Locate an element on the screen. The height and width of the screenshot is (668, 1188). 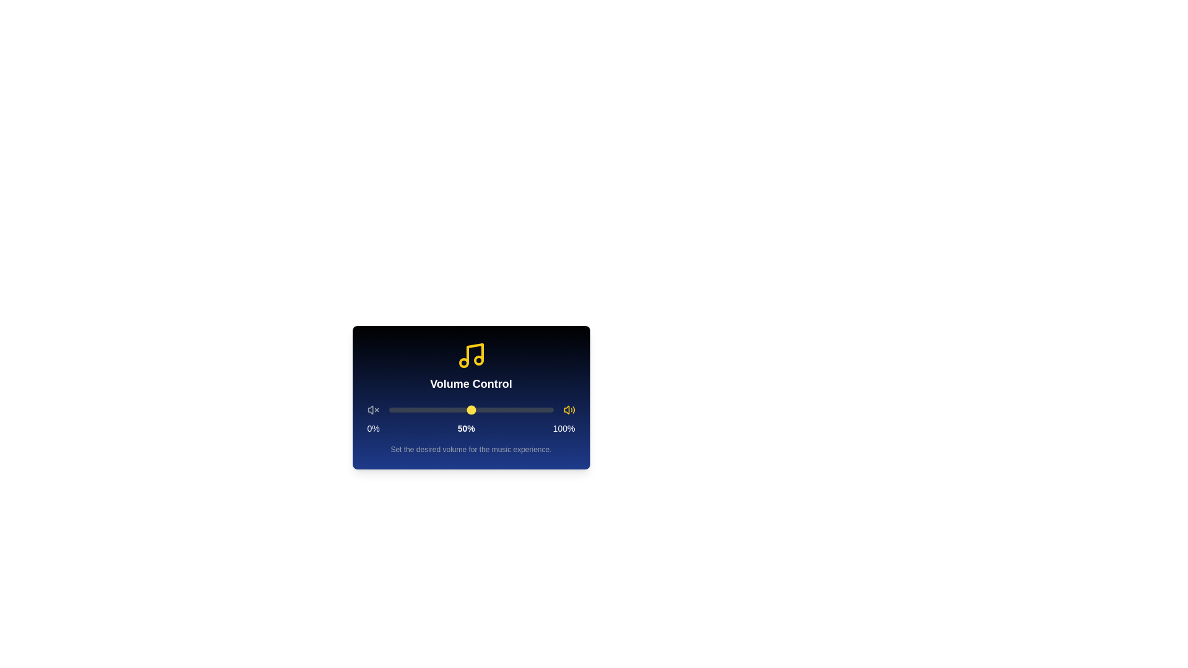
the volume slider to 76% is located at coordinates (514, 410).